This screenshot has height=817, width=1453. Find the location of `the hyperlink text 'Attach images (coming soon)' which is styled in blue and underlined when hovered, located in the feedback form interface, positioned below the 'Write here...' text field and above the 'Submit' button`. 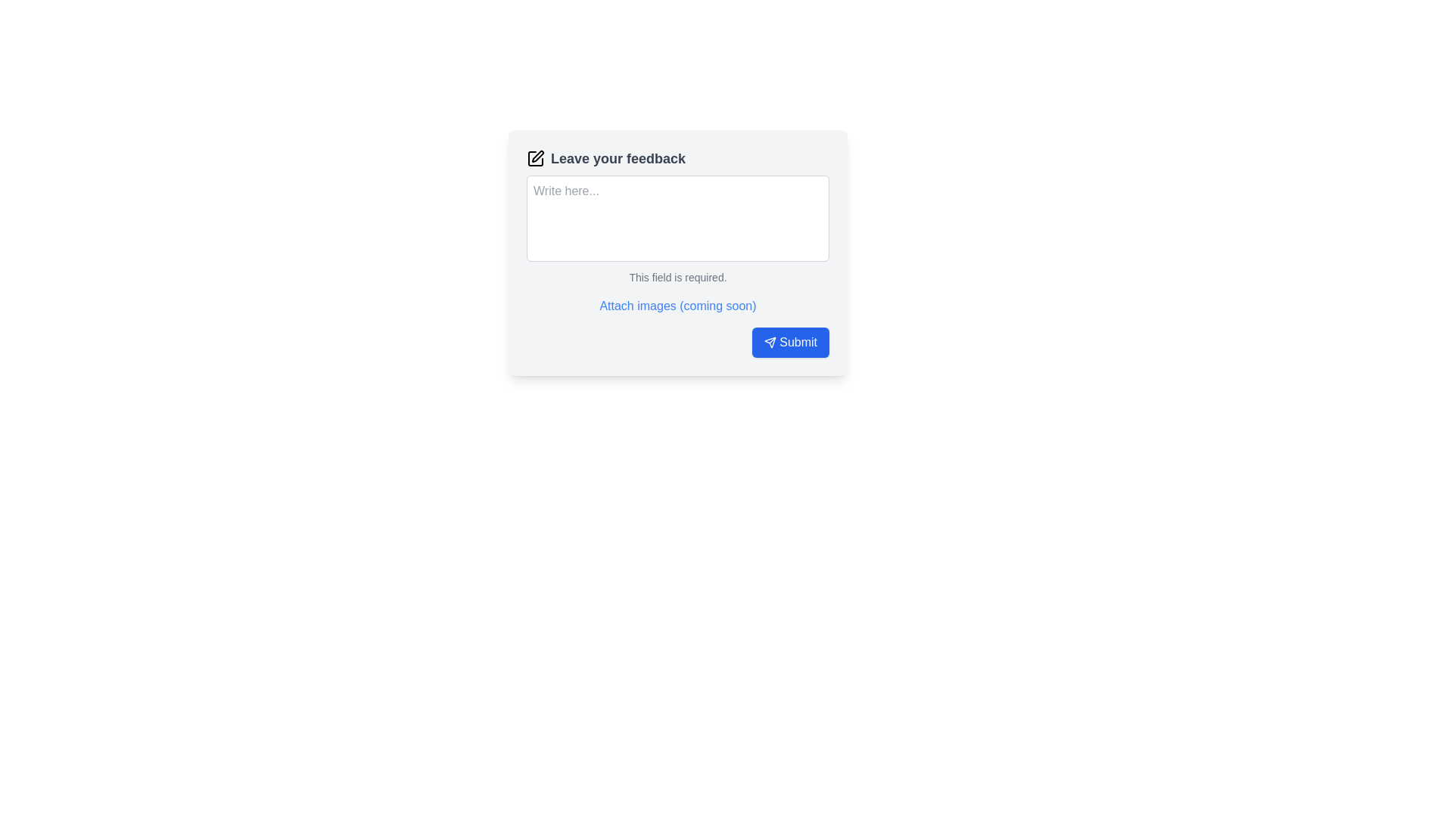

the hyperlink text 'Attach images (coming soon)' which is styled in blue and underlined when hovered, located in the feedback form interface, positioned below the 'Write here...' text field and above the 'Submit' button is located at coordinates (677, 306).